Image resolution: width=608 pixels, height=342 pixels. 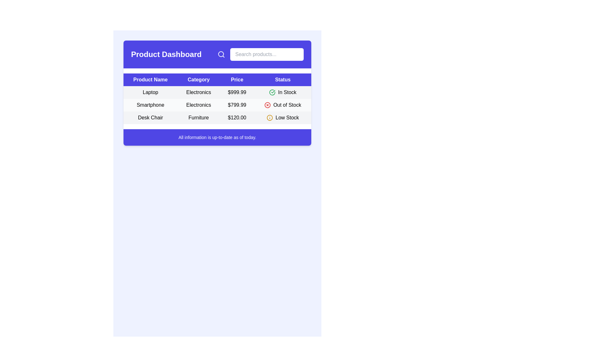 I want to click on the 'Status' text label, which is the fourth column header in the table styled in white text on a purple background, so click(x=282, y=79).